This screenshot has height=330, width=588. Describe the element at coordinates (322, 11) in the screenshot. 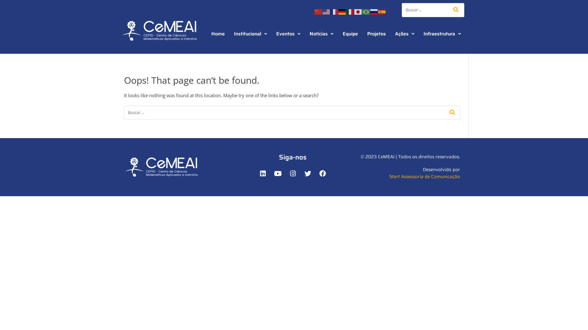

I see `'English'` at that location.